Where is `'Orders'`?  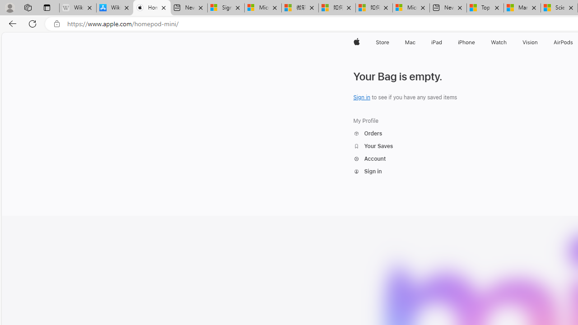
'Orders' is located at coordinates (368, 133).